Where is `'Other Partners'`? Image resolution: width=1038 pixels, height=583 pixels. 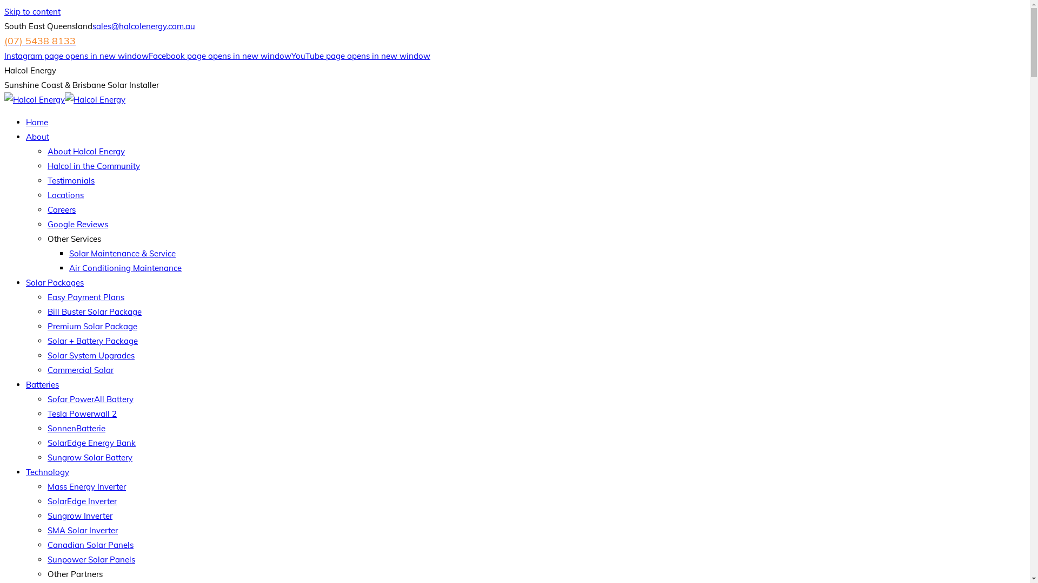
'Other Partners' is located at coordinates (75, 573).